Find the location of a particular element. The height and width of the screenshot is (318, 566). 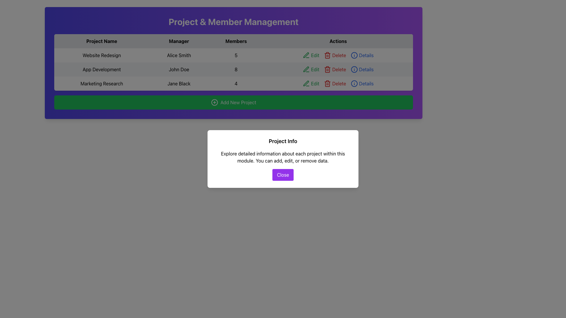

the small green pen icon button next to the 'Edit' text in the 'Actions' column for 'App Development' is located at coordinates (306, 69).